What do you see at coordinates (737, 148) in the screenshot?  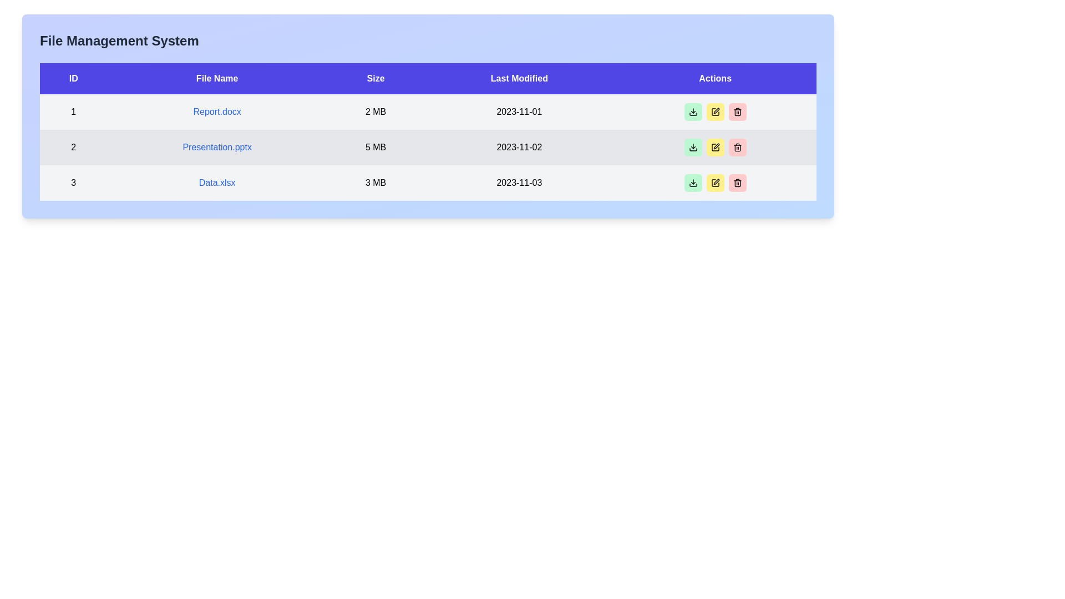 I see `the trash bin icon located in the third row under the 'Actions' column, which serves as the delete button for the file 'Data.xlsx'` at bounding box center [737, 148].